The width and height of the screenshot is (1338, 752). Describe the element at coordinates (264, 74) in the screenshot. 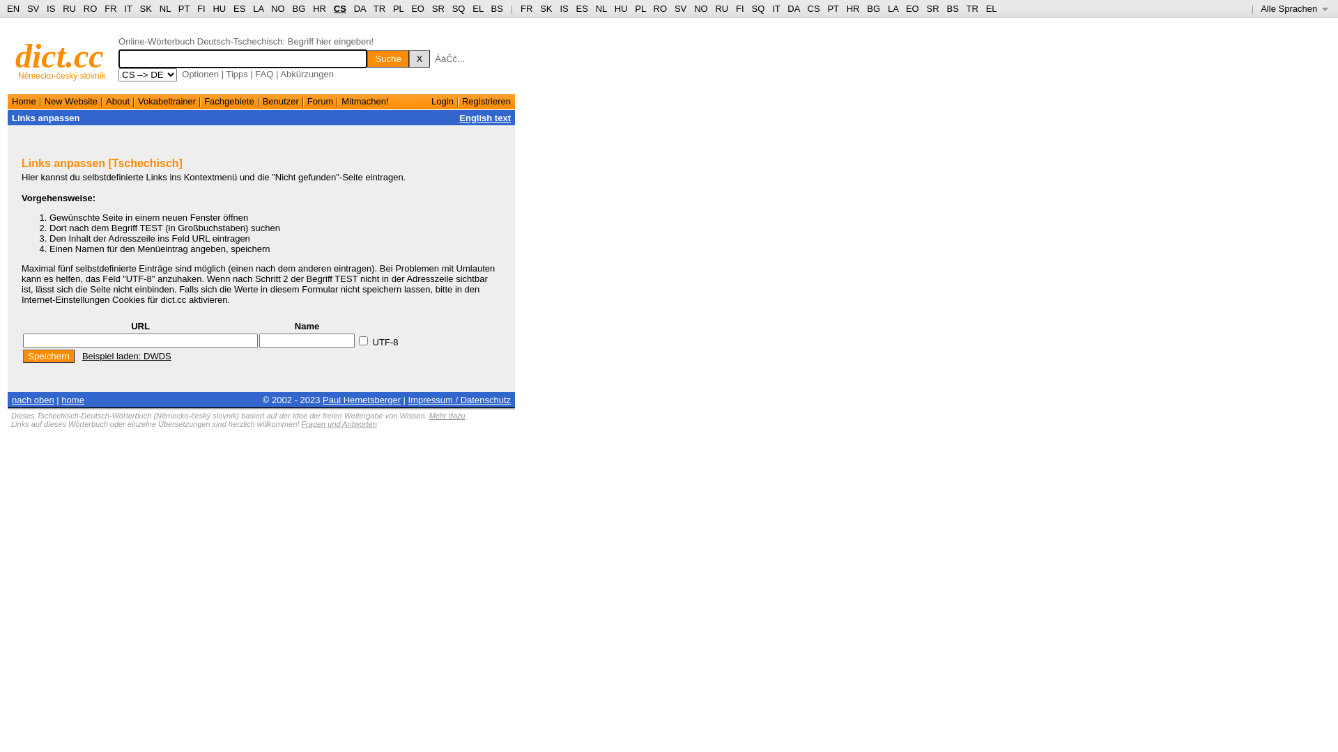

I see `'FAQ'` at that location.